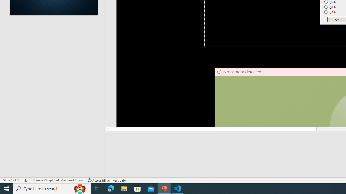 The height and width of the screenshot is (194, 346). What do you see at coordinates (111, 188) in the screenshot?
I see `'Microsoft Edge'` at bounding box center [111, 188].